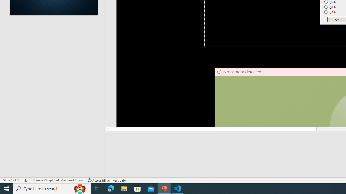 The height and width of the screenshot is (194, 346). What do you see at coordinates (111, 188) in the screenshot?
I see `'Microsoft Edge'` at bounding box center [111, 188].